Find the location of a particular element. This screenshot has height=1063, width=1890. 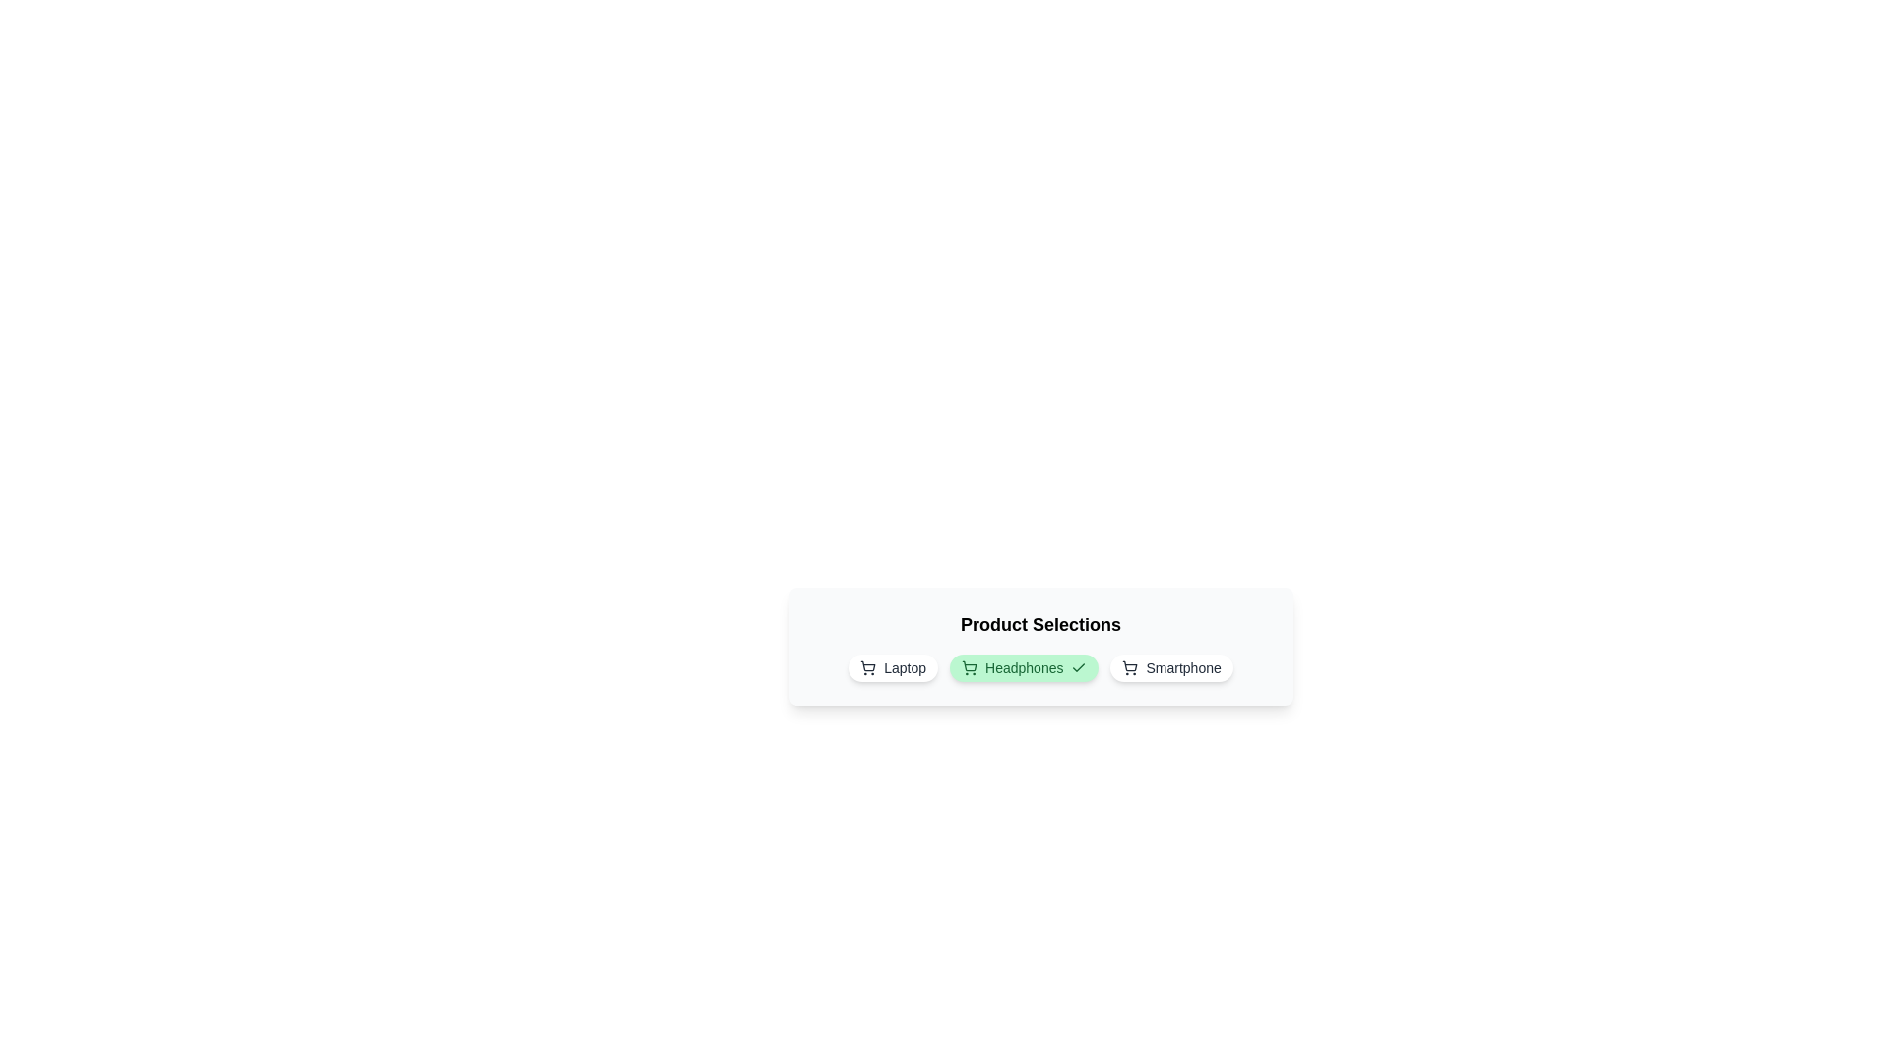

the product chip labeled Headphones is located at coordinates (1024, 666).